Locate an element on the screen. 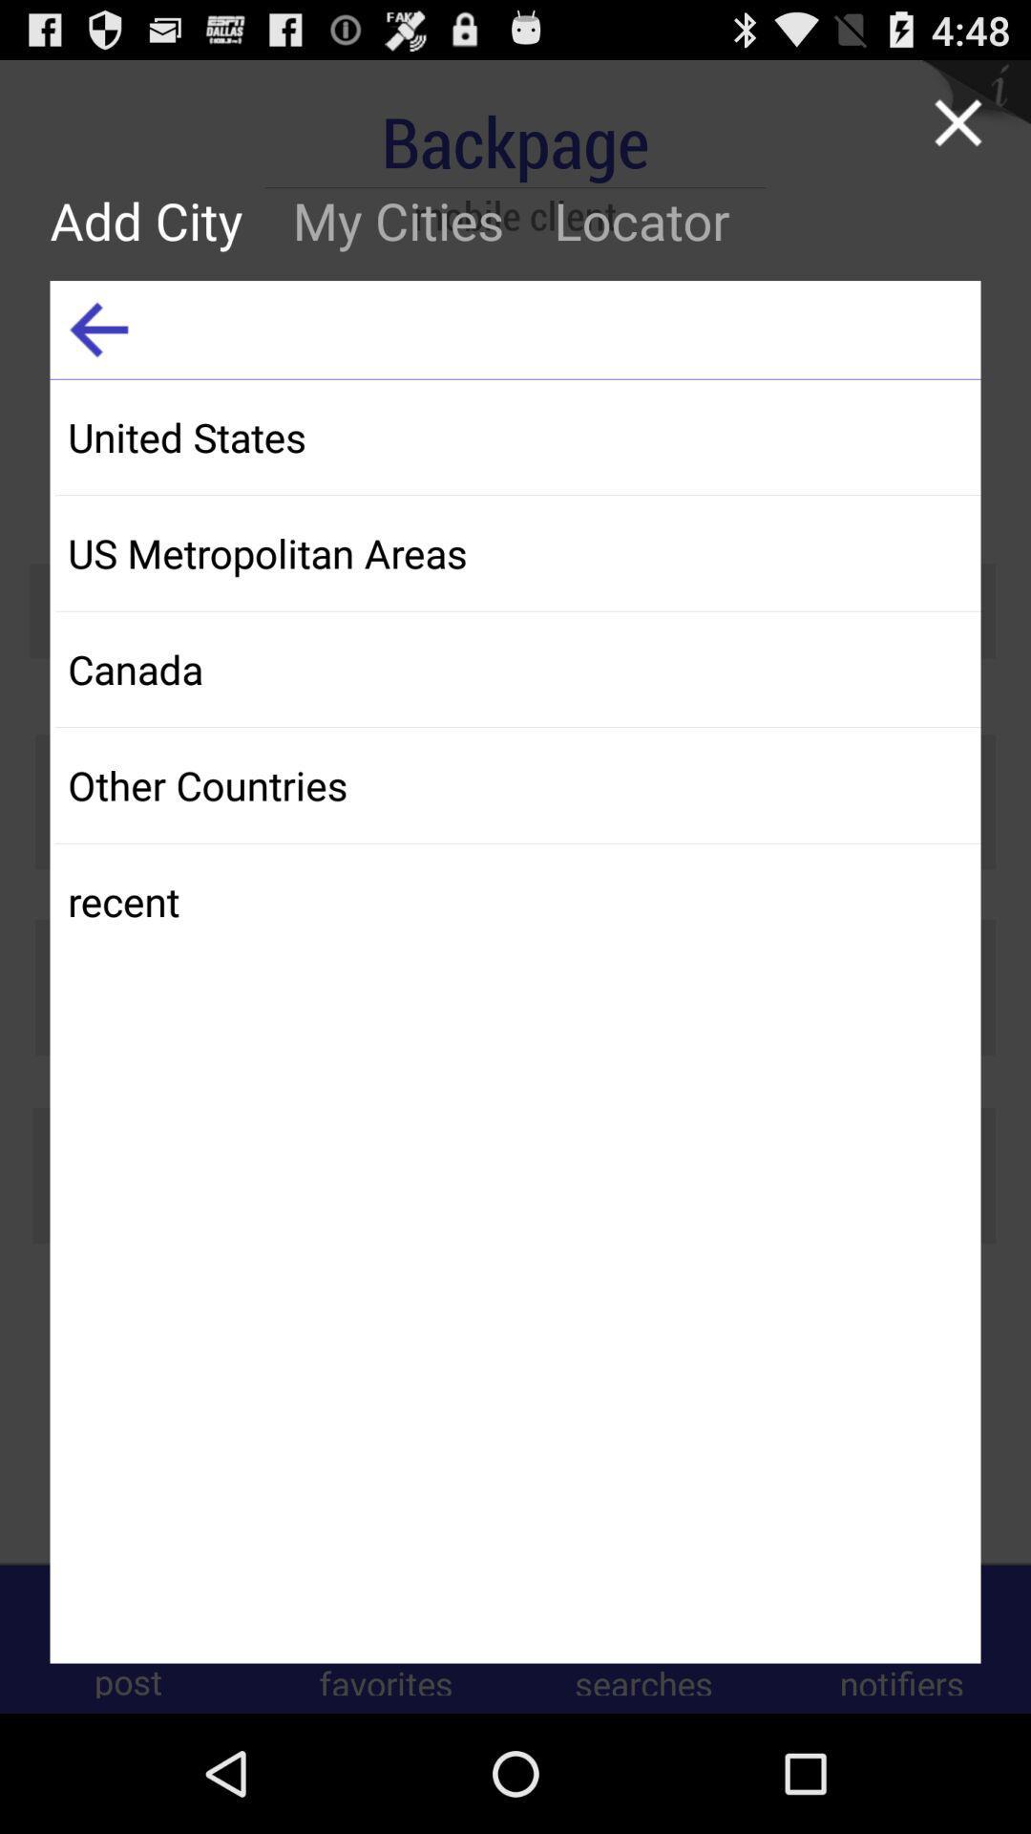 The height and width of the screenshot is (1834, 1031). go back is located at coordinates (98, 330).